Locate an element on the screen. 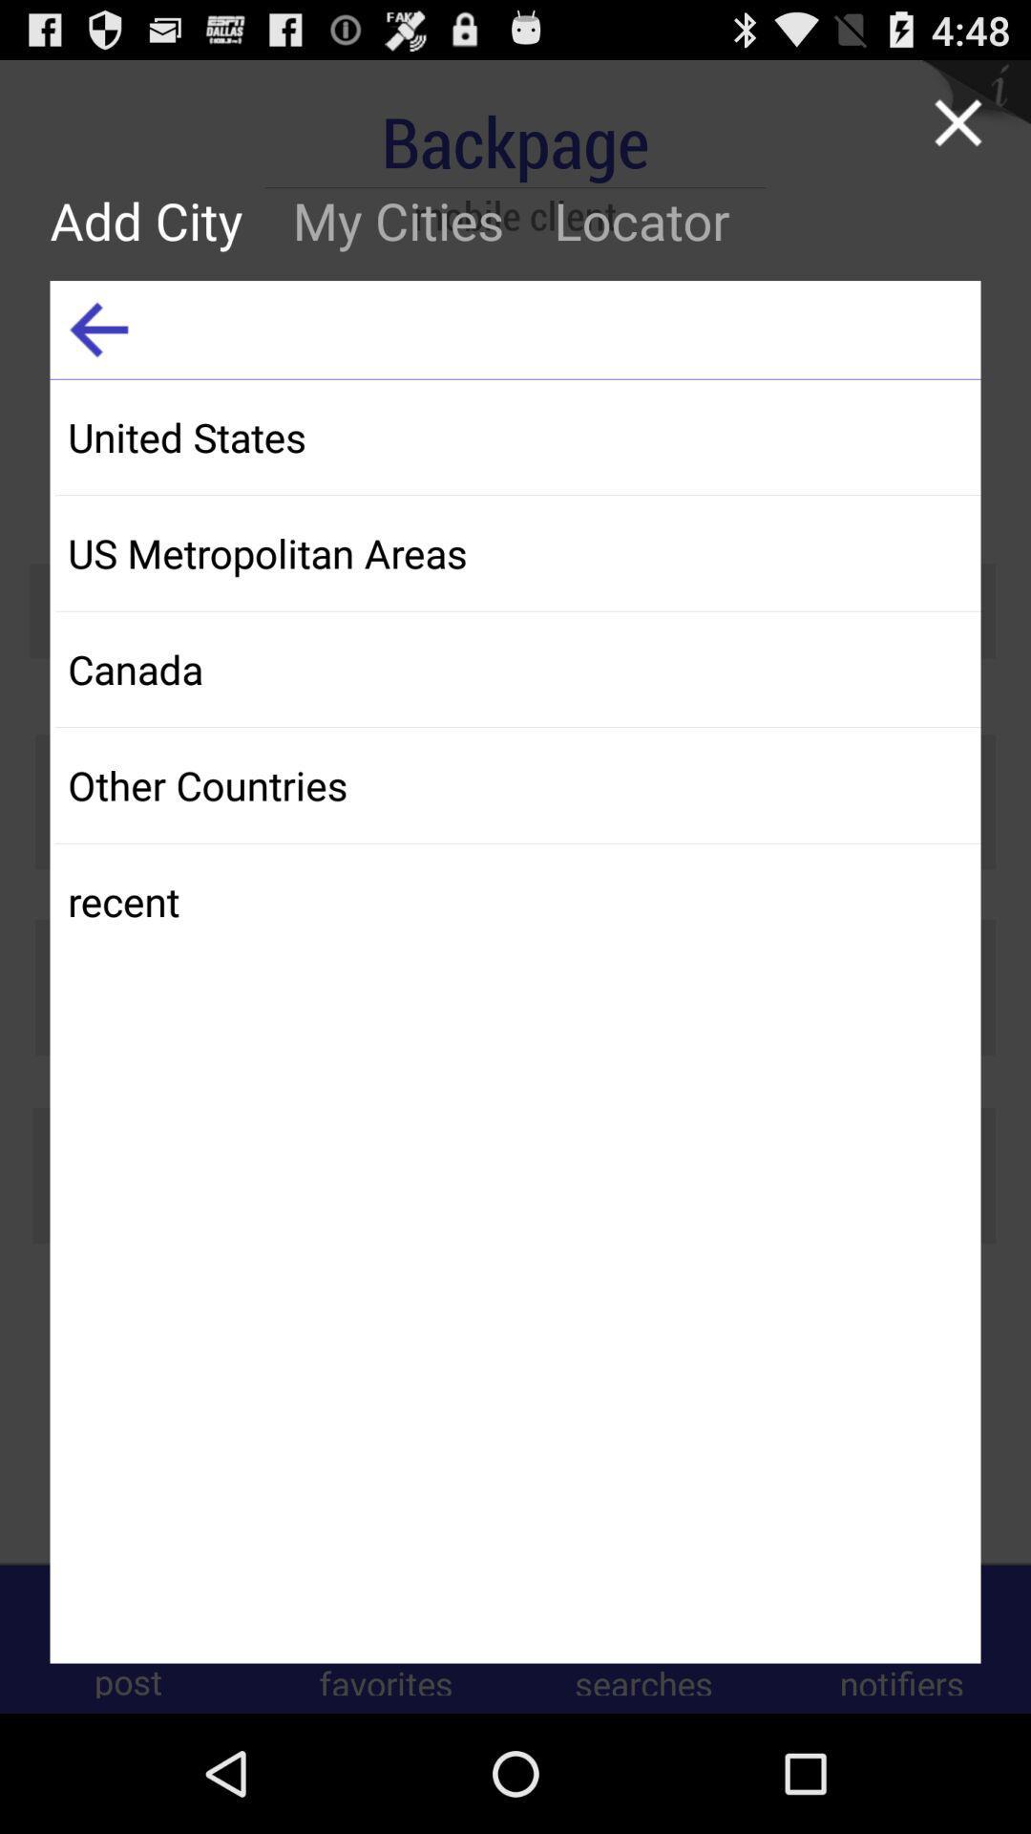 The height and width of the screenshot is (1834, 1031). go back is located at coordinates (98, 330).